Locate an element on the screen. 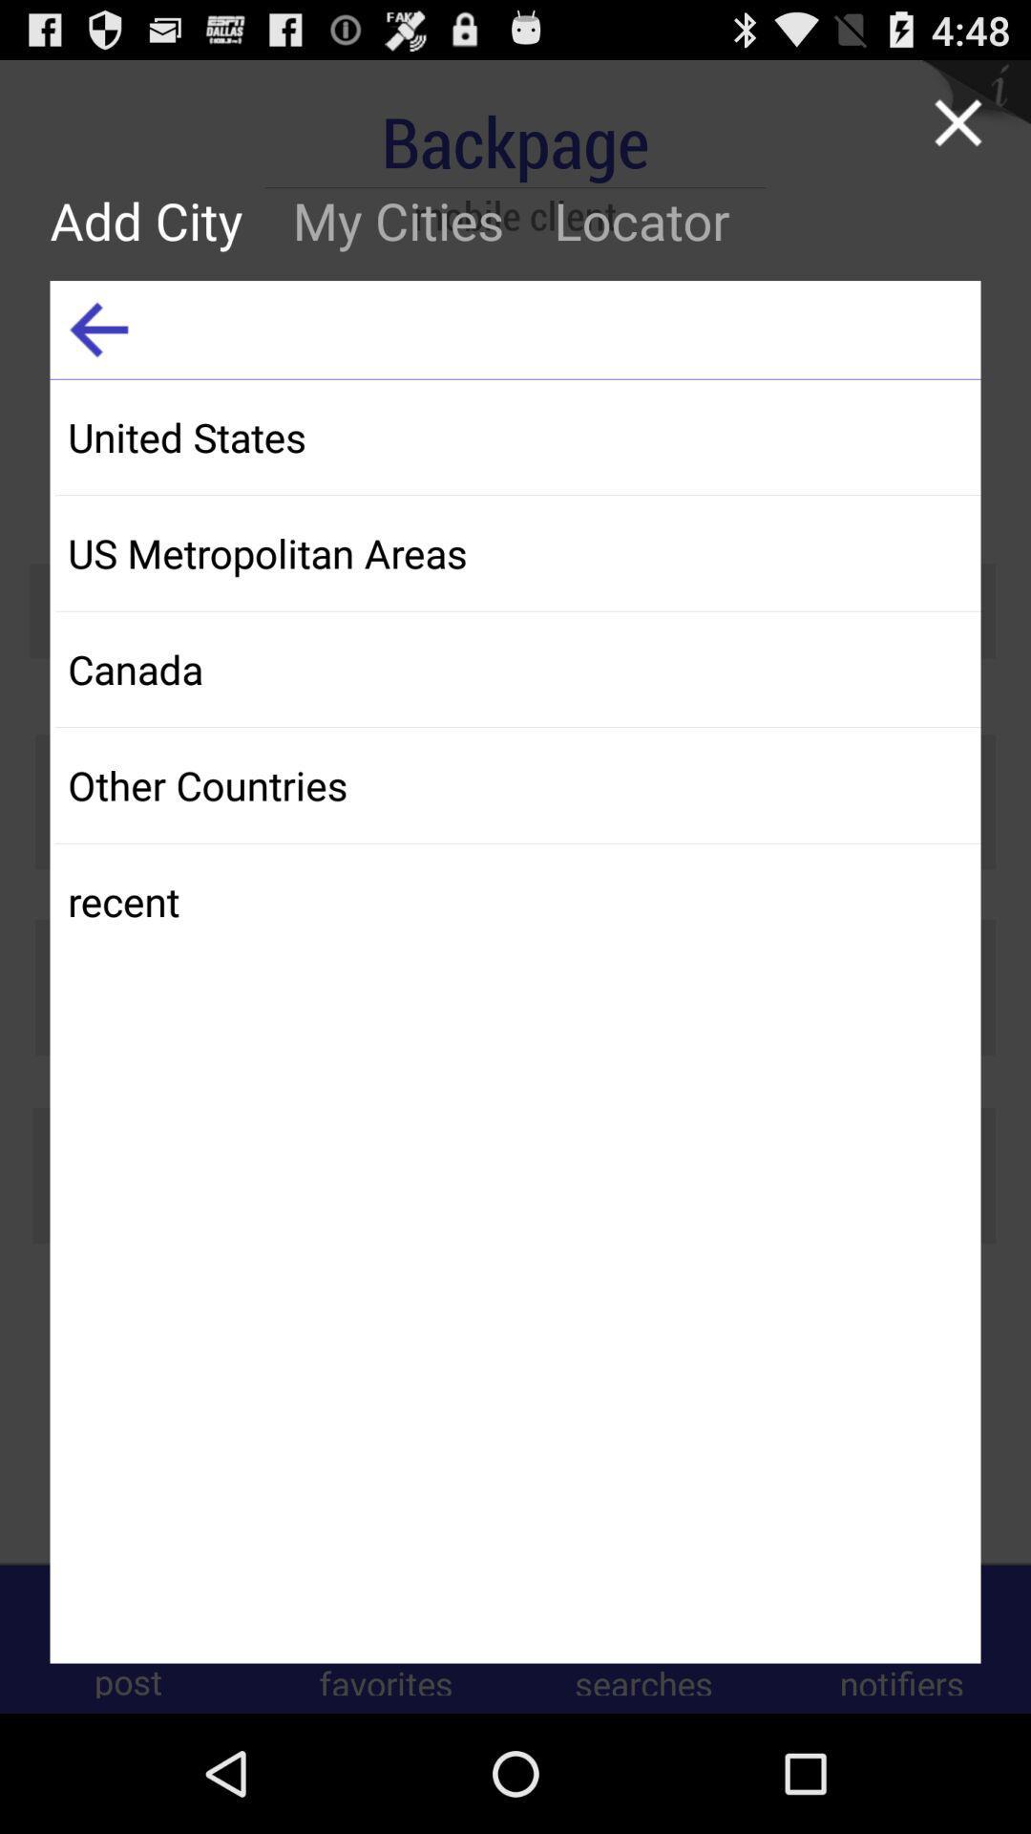 The height and width of the screenshot is (1834, 1031). go back is located at coordinates (98, 330).